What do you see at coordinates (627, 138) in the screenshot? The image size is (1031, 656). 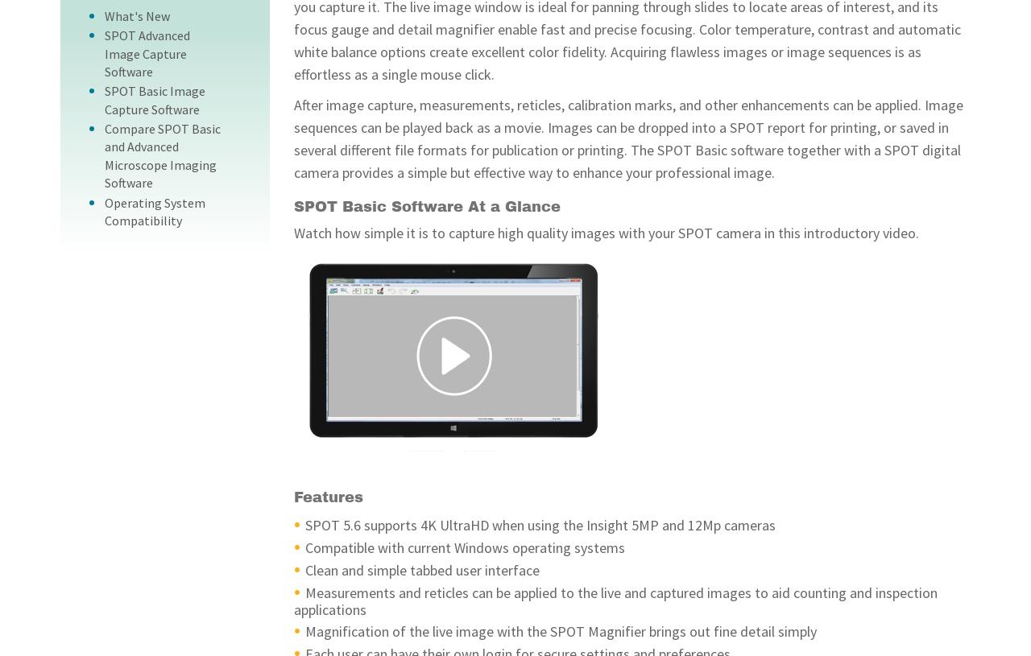 I see `'After image capture, measurements, reticles, calibration marks, and other enhancements can be applied. Image sequences can be played back as a movie. Images can be dropped into a SPOT report for printing, or saved in several different file formats for publication or printing. The SPOT Basic software together with a SPOT digital camera provides a simple but effective way to enhance your professional image.'` at bounding box center [627, 138].